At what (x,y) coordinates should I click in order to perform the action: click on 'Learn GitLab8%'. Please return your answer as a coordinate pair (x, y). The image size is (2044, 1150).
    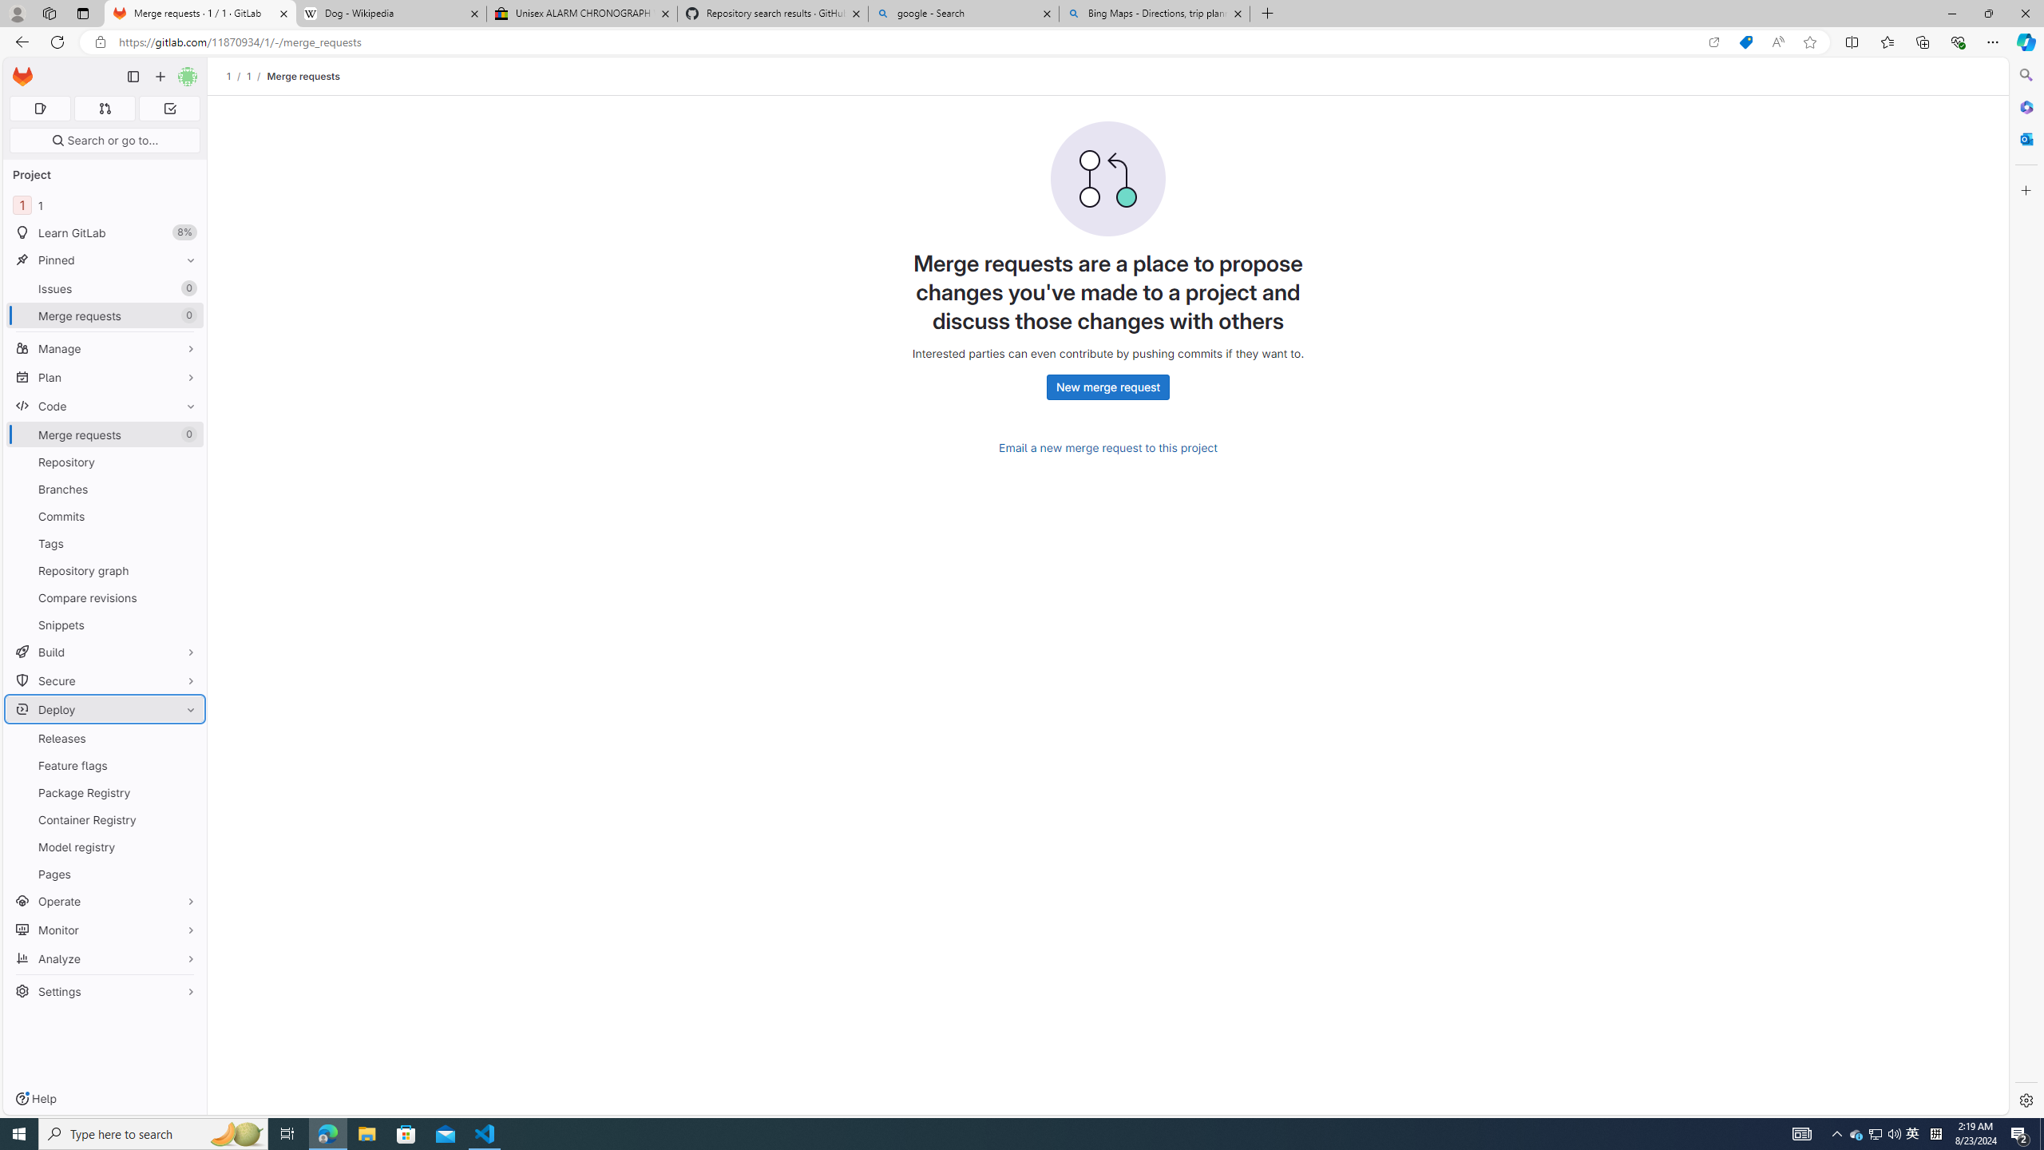
    Looking at the image, I should click on (104, 232).